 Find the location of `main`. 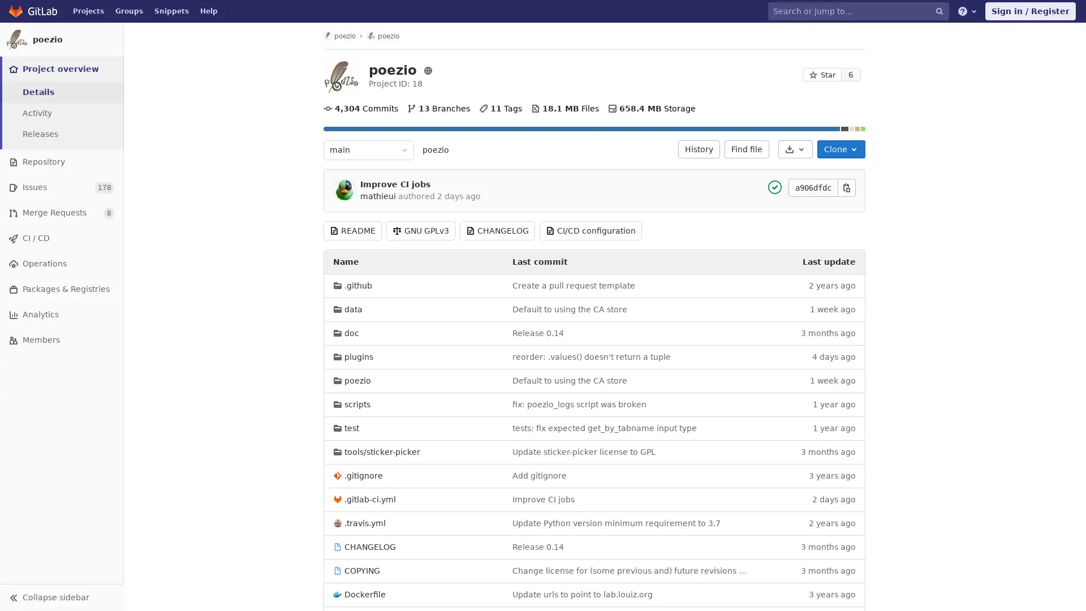

main is located at coordinates (380, 149).